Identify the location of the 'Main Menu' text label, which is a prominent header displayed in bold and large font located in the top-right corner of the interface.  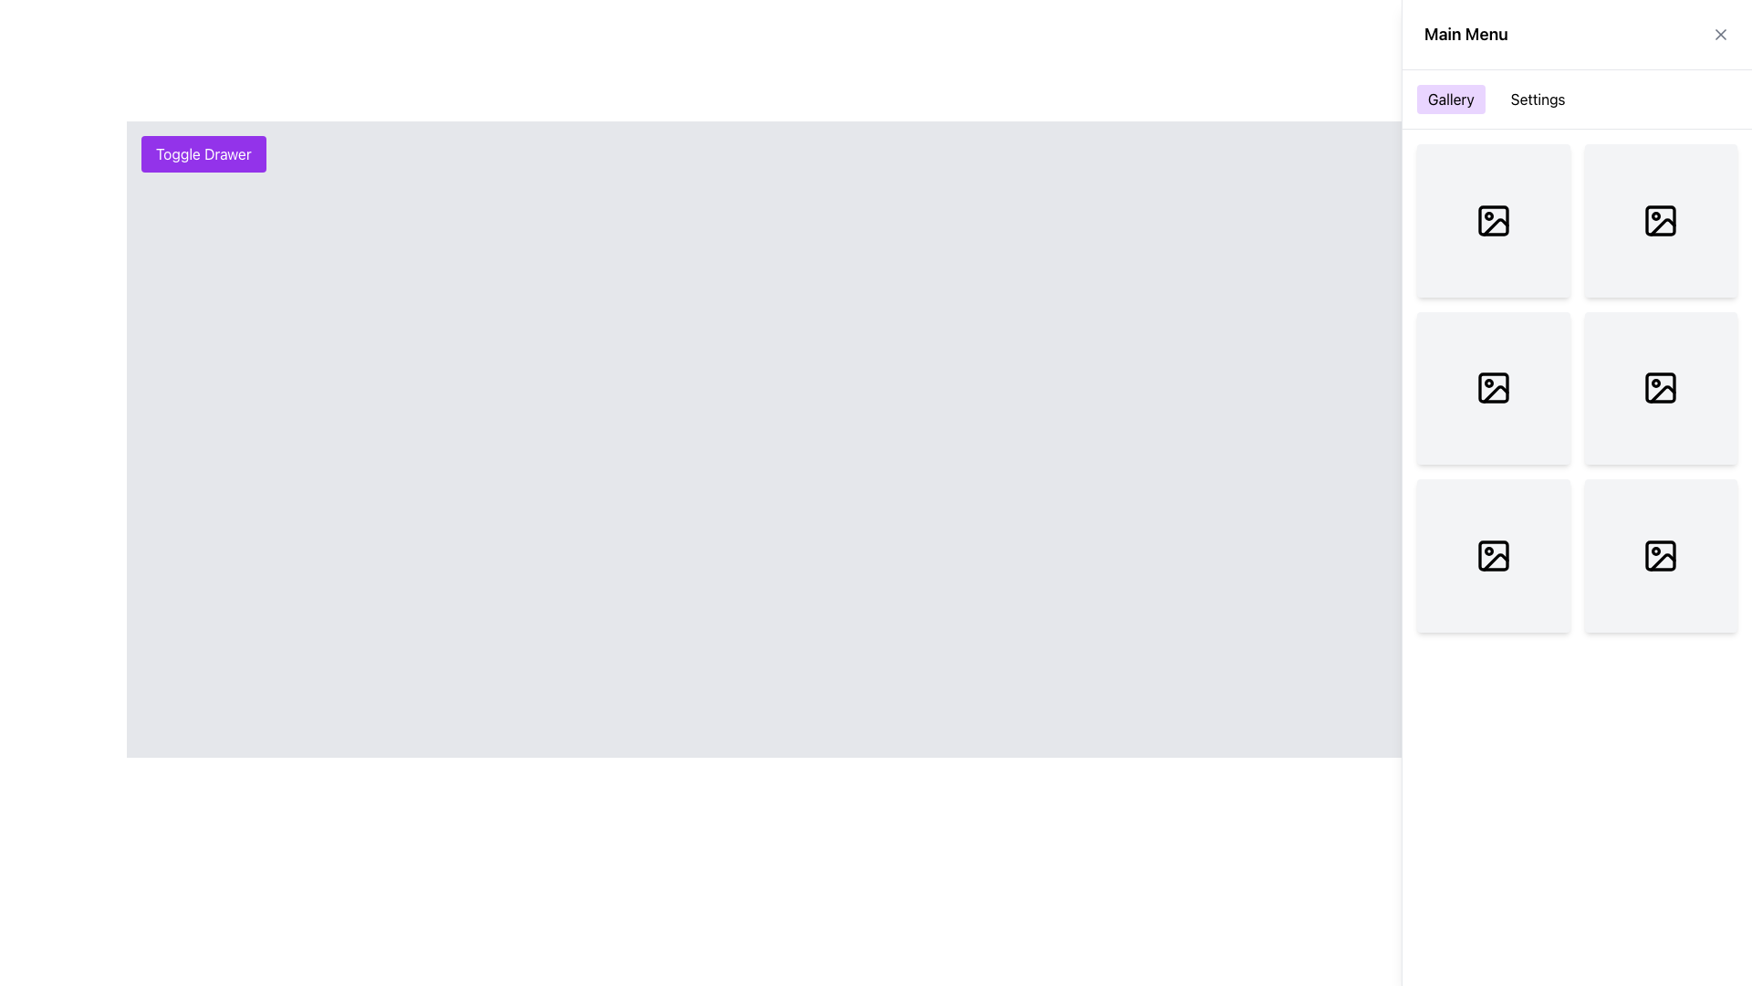
(1465, 35).